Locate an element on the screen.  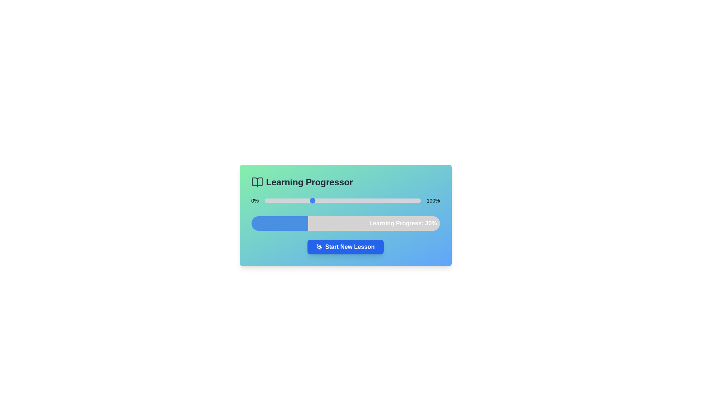
'Start New Lesson' button is located at coordinates (345, 247).